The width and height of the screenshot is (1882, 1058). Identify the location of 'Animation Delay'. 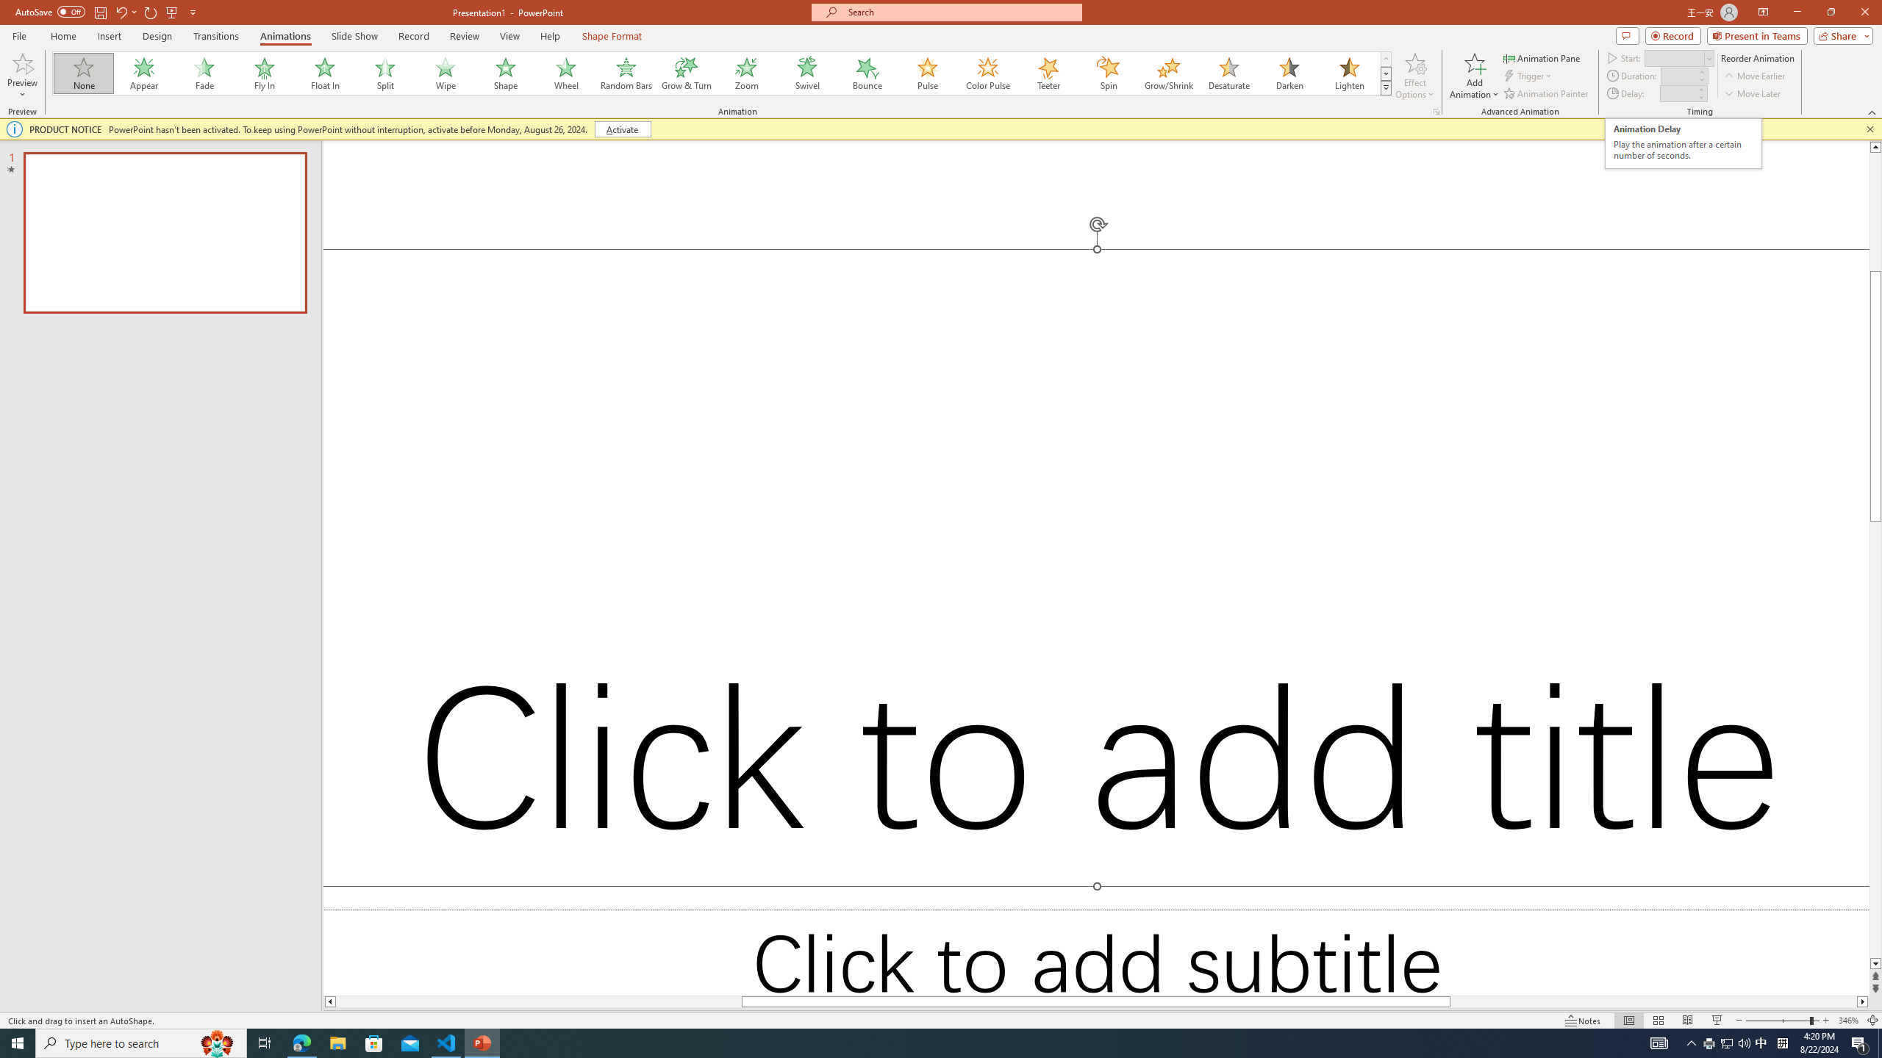
(1675, 93).